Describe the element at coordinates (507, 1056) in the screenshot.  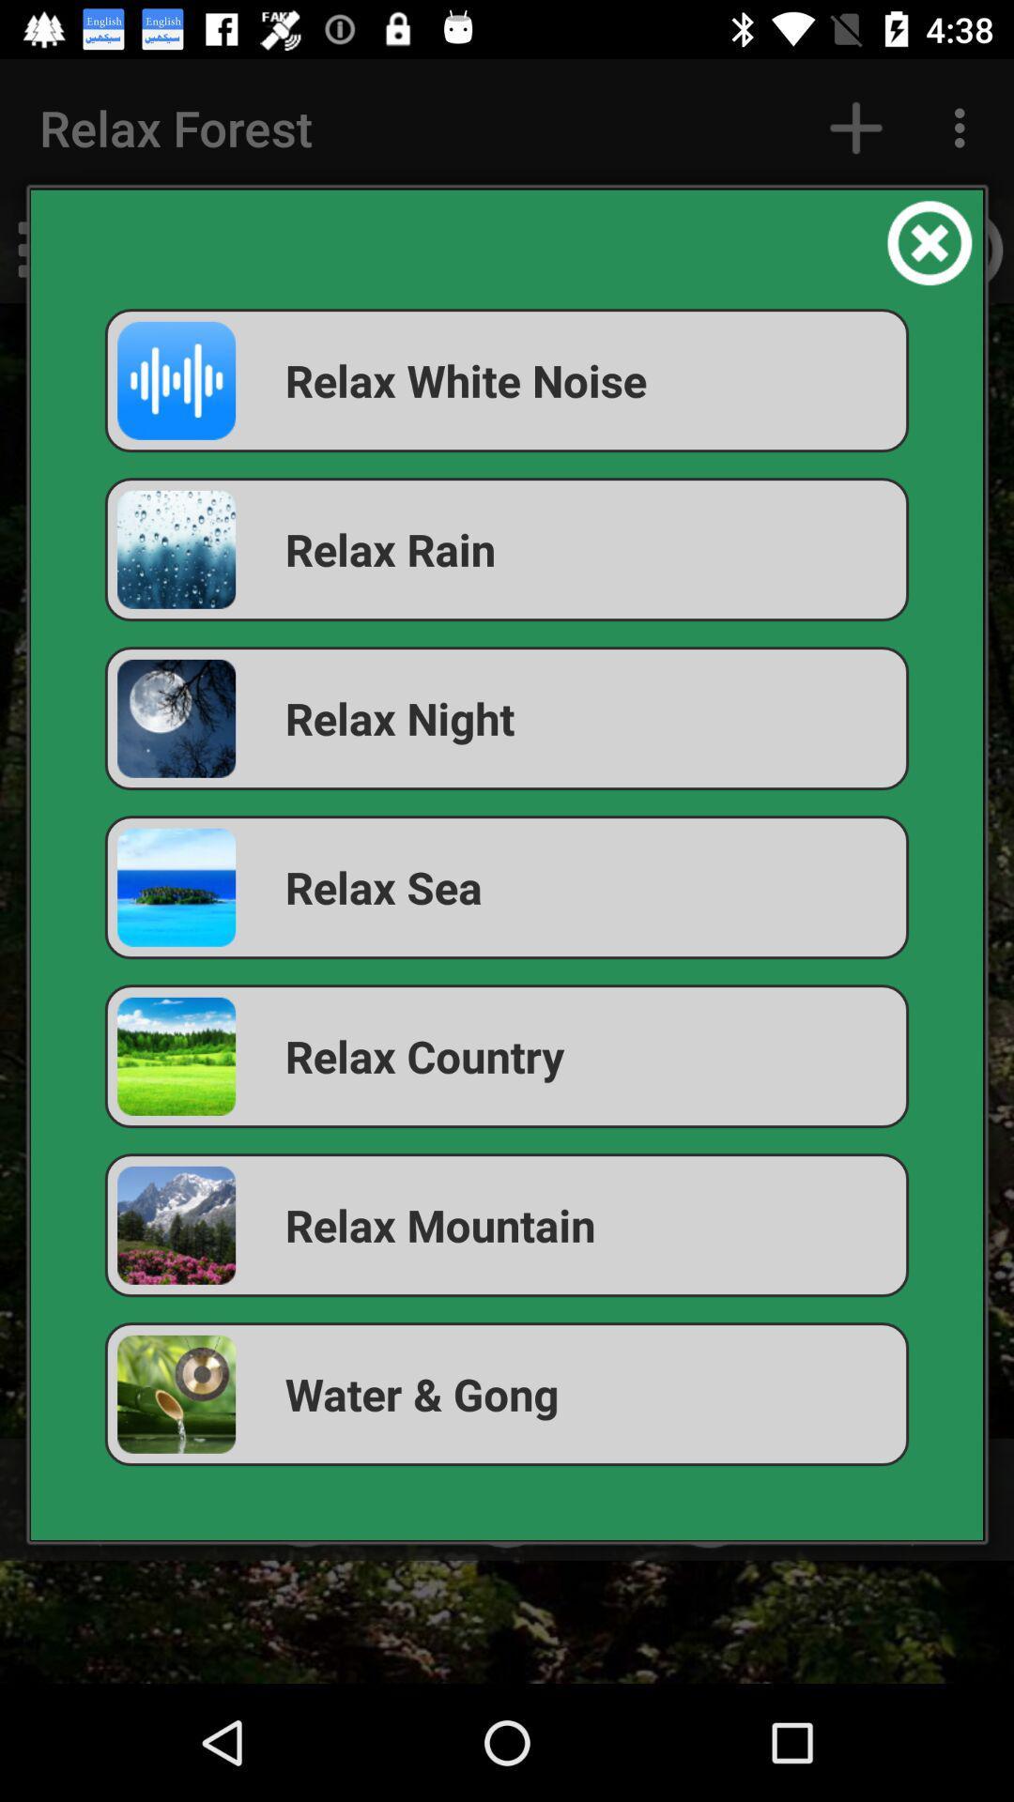
I see `relax country icon` at that location.